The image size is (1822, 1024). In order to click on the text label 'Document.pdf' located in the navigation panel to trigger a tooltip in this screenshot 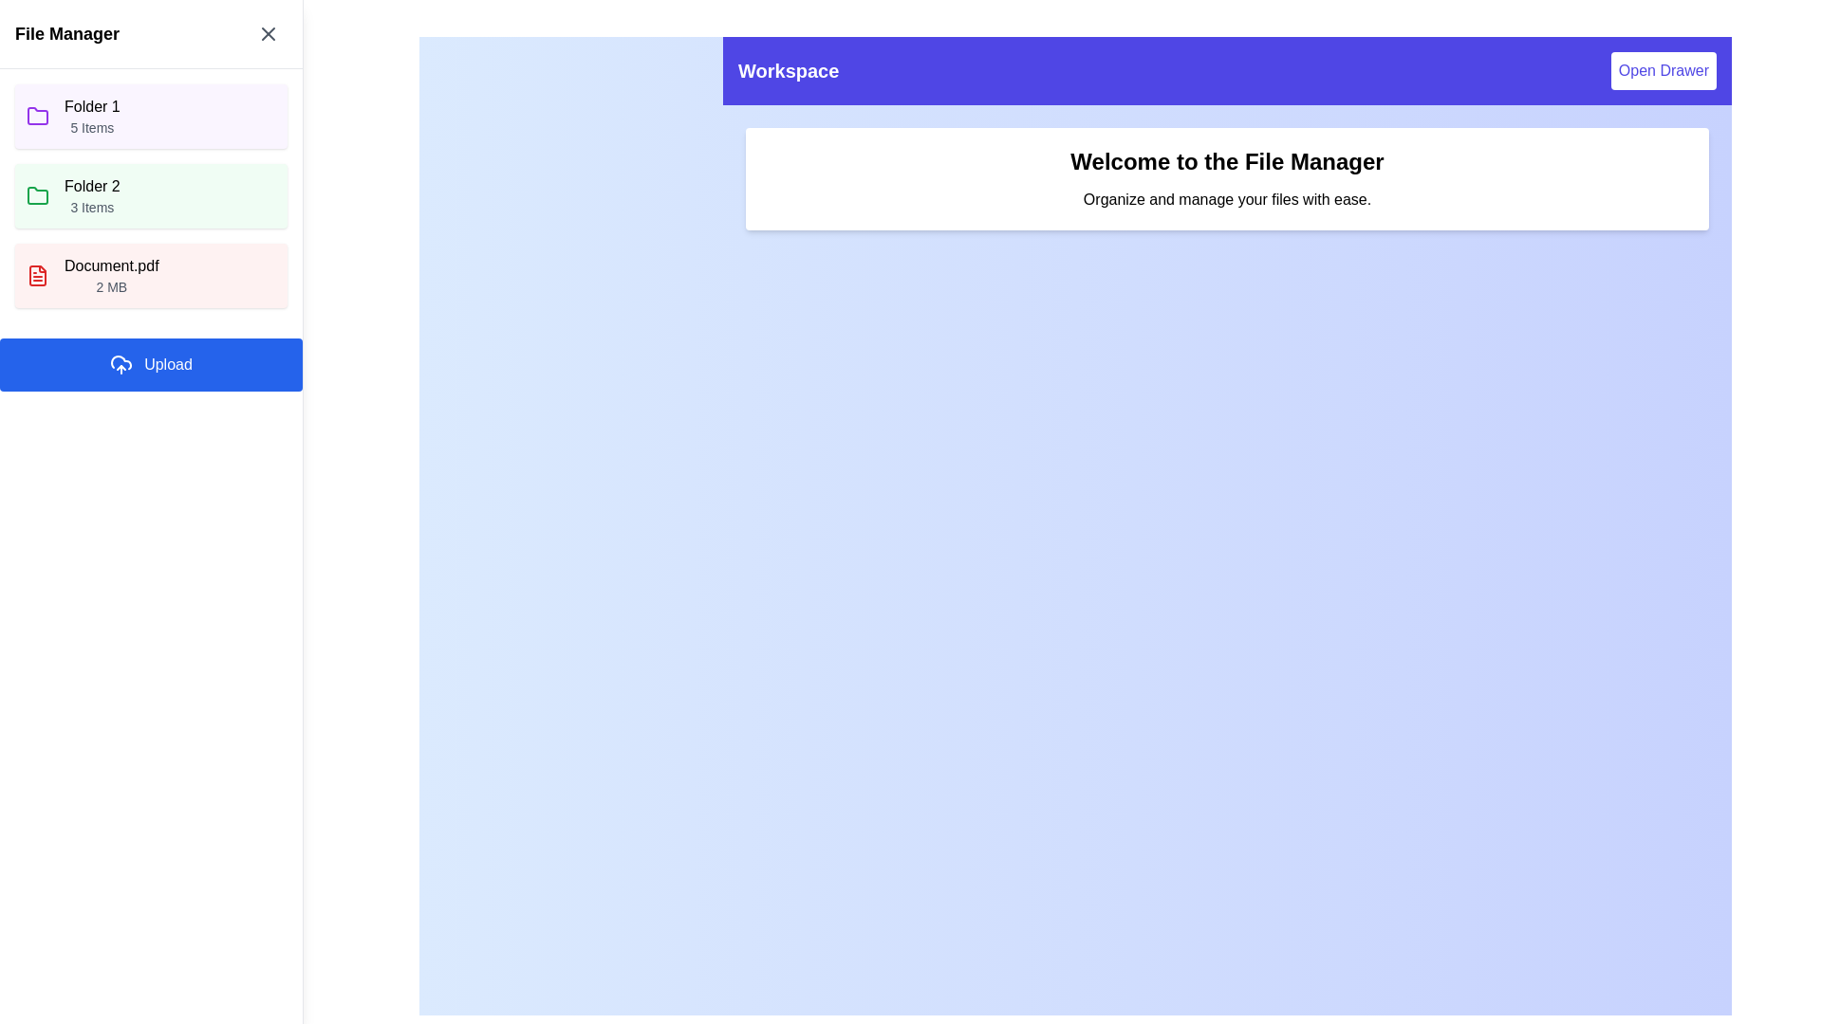, I will do `click(110, 266)`.